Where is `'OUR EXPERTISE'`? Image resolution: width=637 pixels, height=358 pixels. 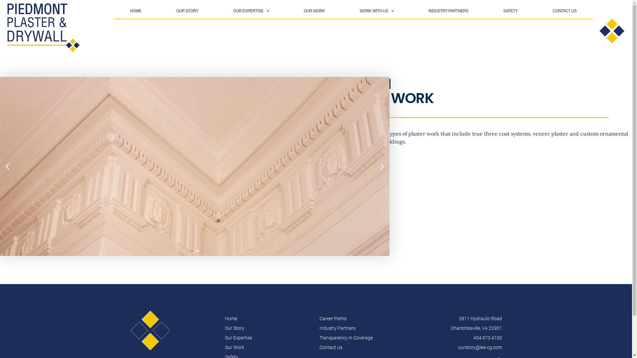
'OUR EXPERTISE' is located at coordinates (251, 11).